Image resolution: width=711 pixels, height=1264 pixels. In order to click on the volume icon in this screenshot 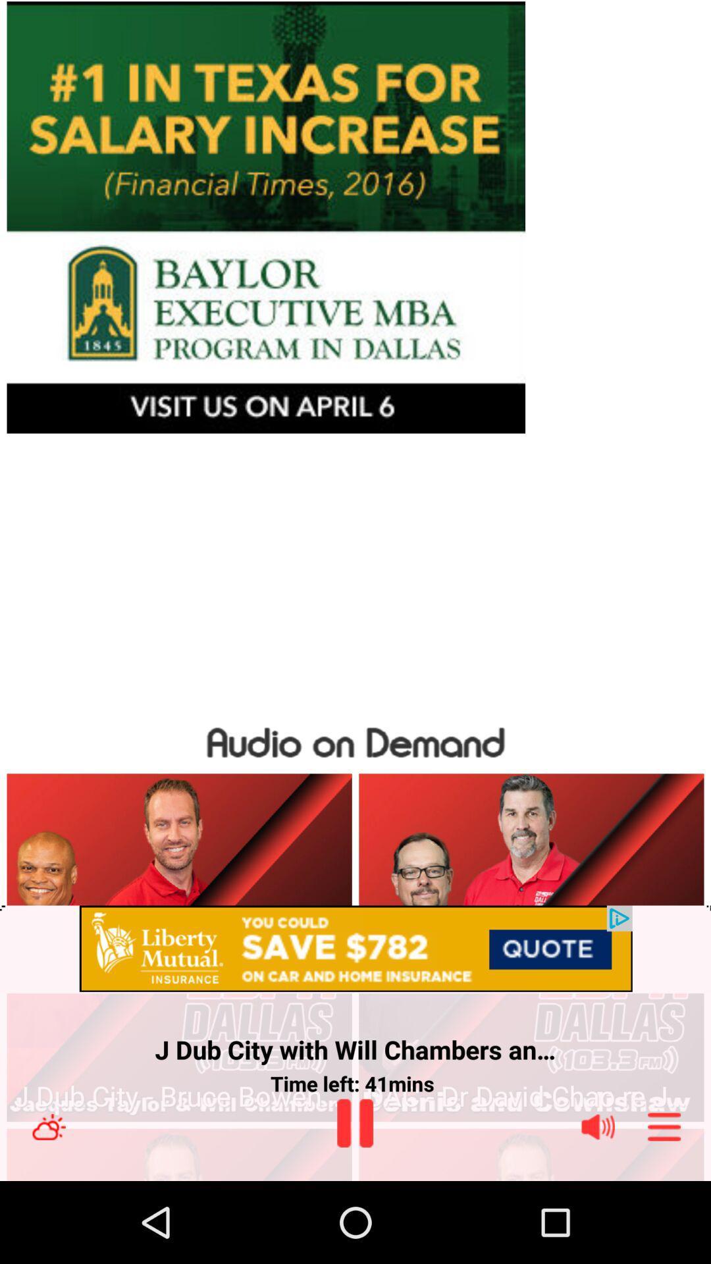, I will do `click(598, 1206)`.